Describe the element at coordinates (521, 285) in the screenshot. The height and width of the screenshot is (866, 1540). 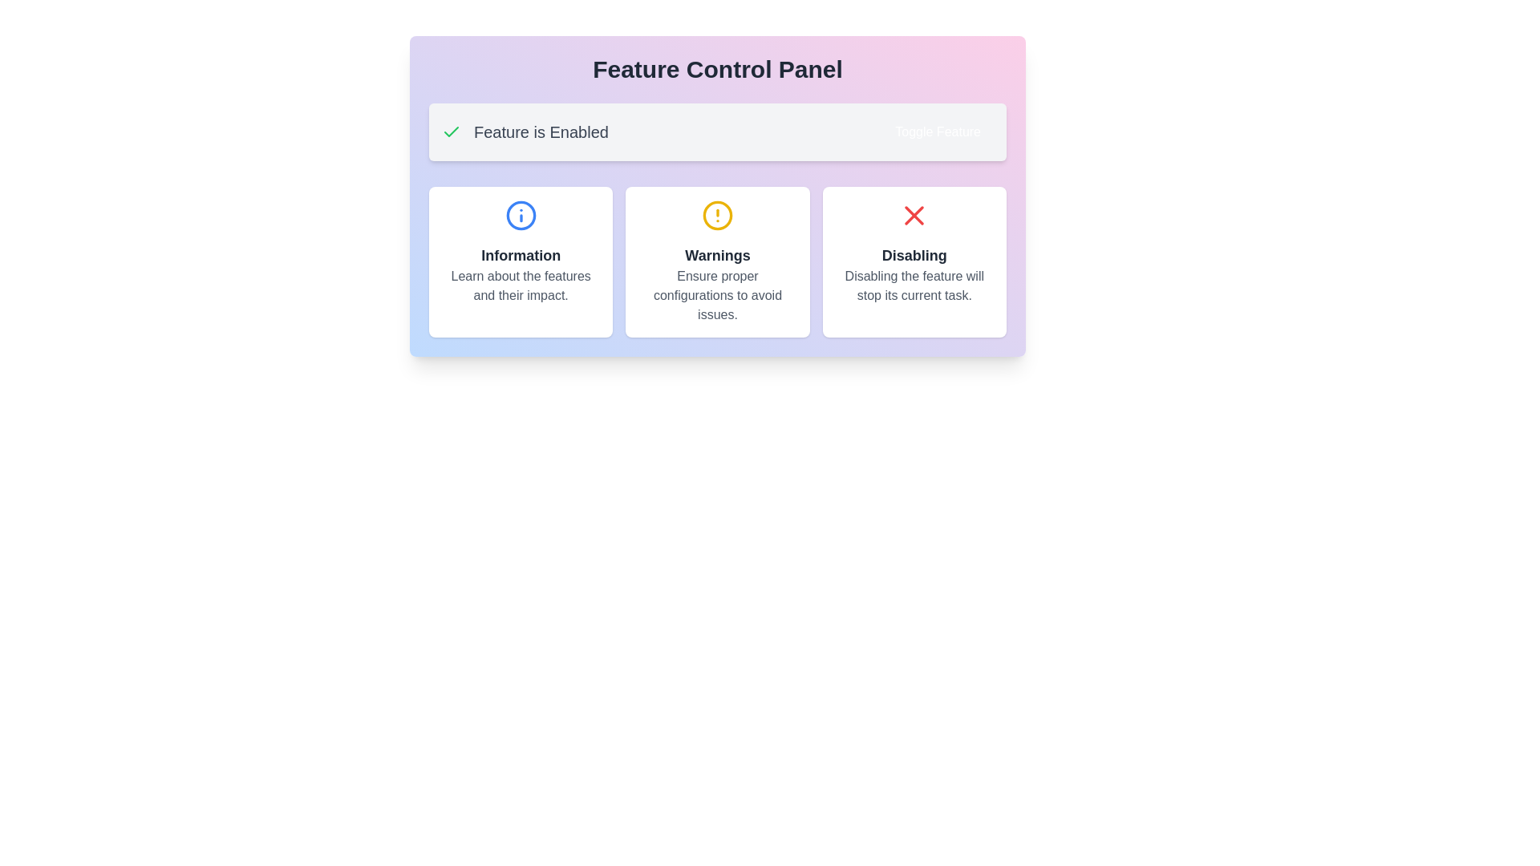
I see `the text label displaying 'Learn about the features and their impact.' located at the bottom of the 'Information' section of the Feature Control Panel interface` at that location.